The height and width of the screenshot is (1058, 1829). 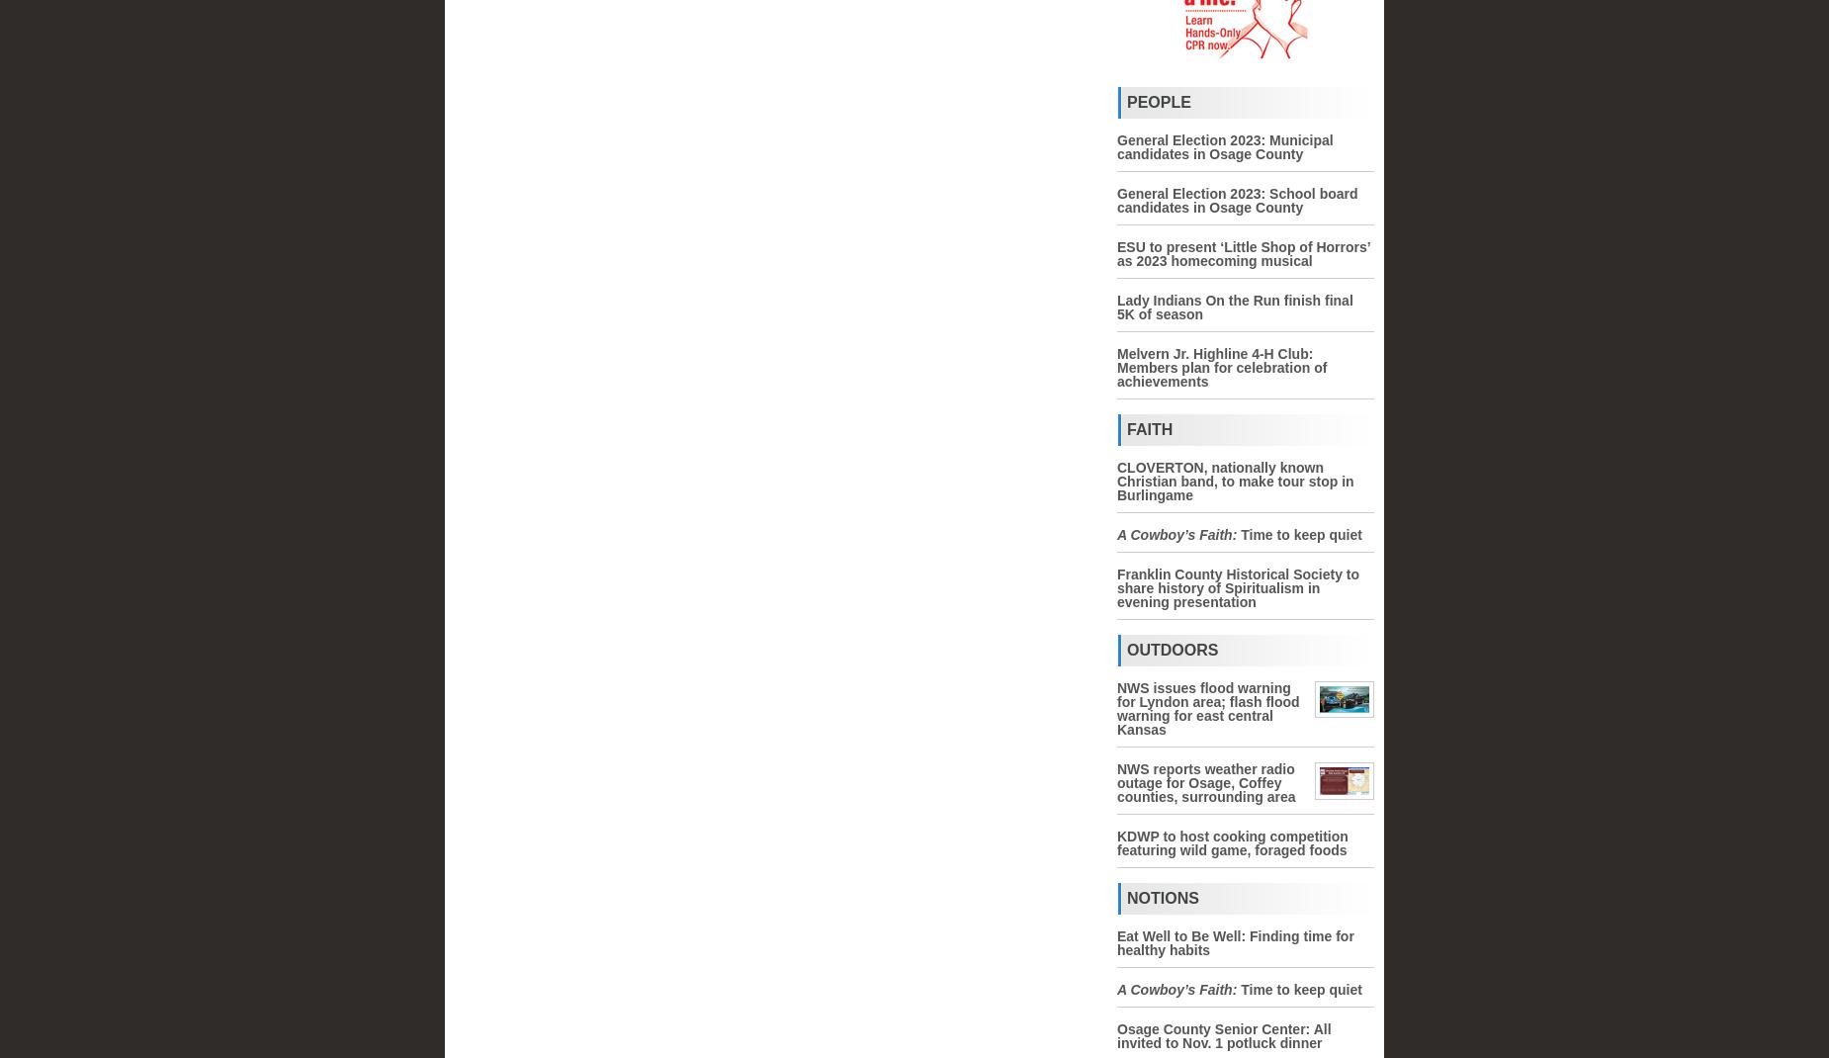 What do you see at coordinates (1236, 199) in the screenshot?
I see `'General Election 2023: School board candidates in Osage County'` at bounding box center [1236, 199].